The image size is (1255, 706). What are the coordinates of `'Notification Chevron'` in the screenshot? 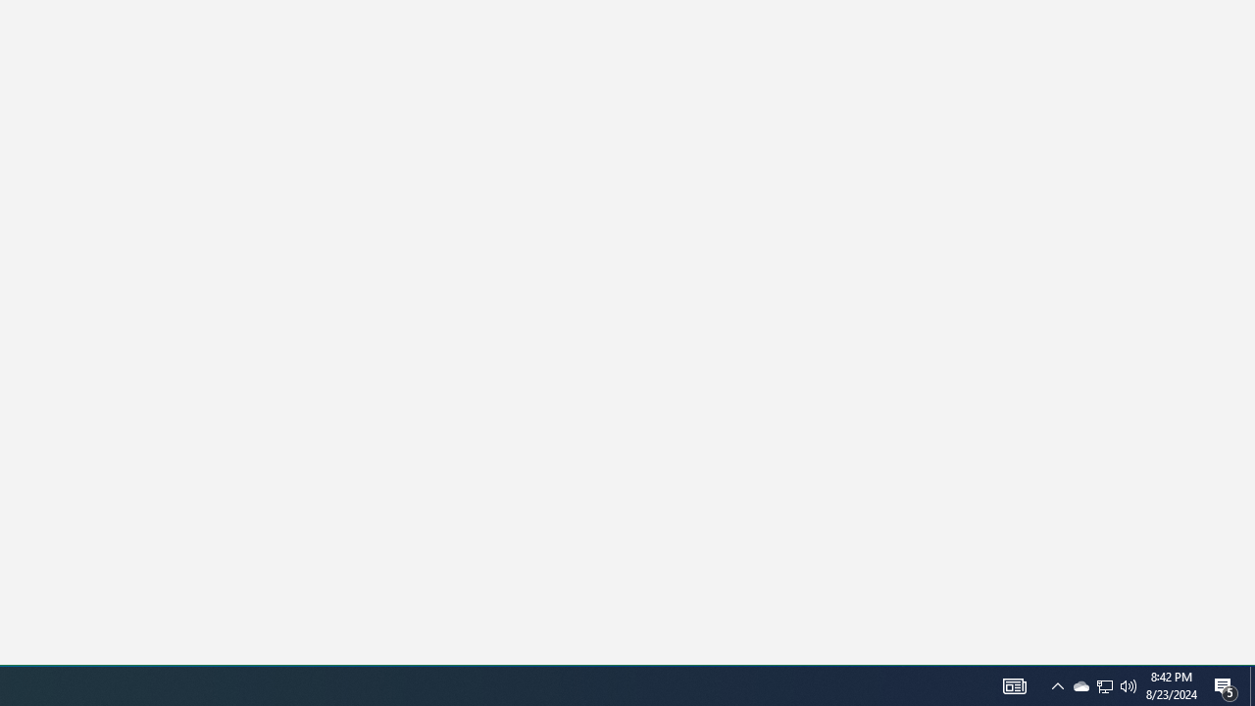 It's located at (1105, 684).